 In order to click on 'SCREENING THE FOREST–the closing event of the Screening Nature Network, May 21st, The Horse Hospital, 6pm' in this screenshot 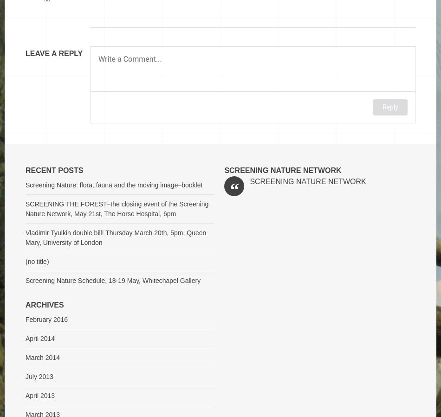, I will do `click(117, 208)`.